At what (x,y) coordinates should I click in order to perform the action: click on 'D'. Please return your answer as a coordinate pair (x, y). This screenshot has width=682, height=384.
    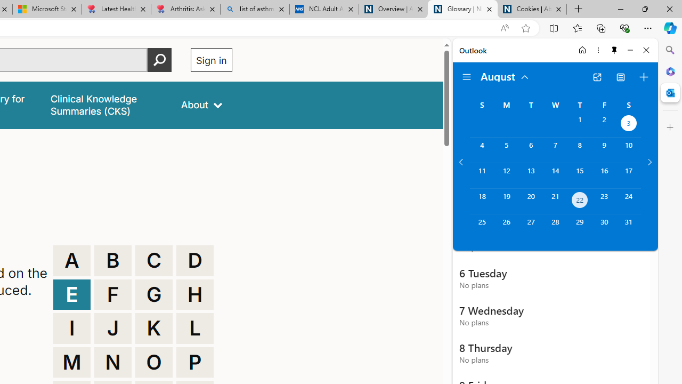
    Looking at the image, I should click on (195, 260).